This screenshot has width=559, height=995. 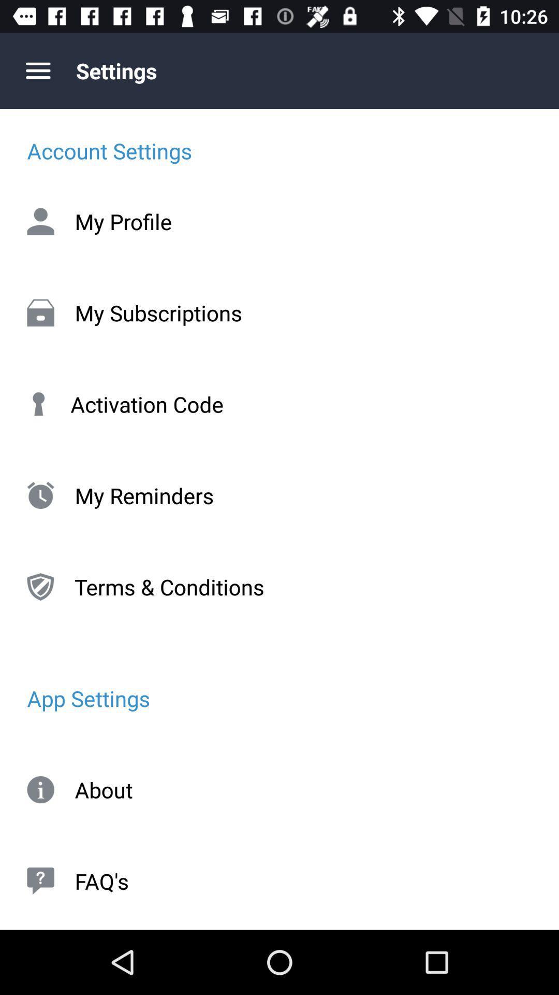 What do you see at coordinates (279, 403) in the screenshot?
I see `the activation code icon` at bounding box center [279, 403].